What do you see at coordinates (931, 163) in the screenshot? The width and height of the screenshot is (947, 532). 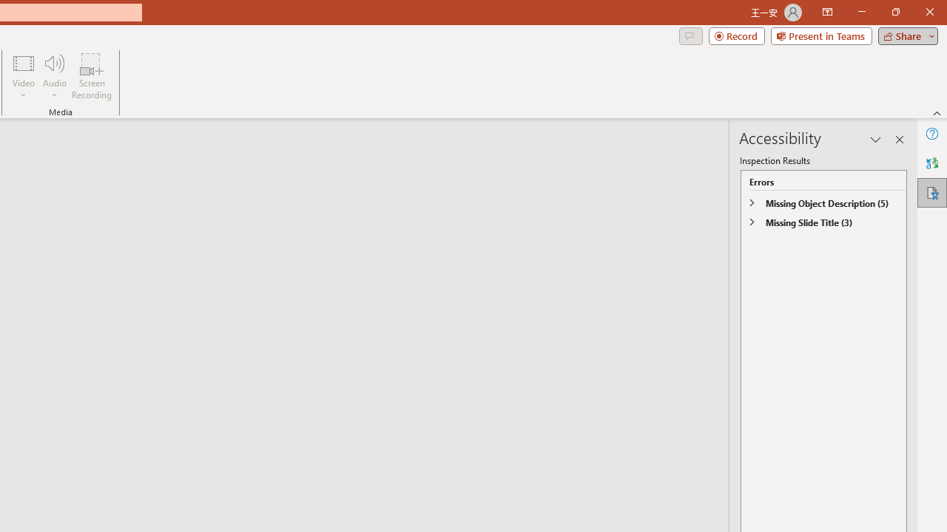 I see `'Translator'` at bounding box center [931, 163].